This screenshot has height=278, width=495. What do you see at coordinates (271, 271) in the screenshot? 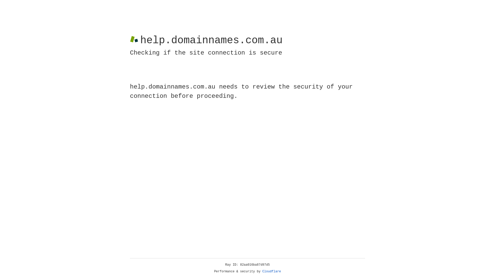
I see `'Cloudflare'` at bounding box center [271, 271].